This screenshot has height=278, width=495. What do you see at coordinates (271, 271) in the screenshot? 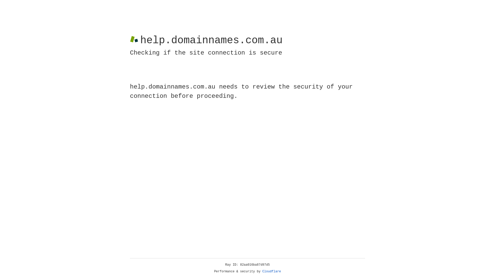
I see `'Cloudflare'` at bounding box center [271, 271].